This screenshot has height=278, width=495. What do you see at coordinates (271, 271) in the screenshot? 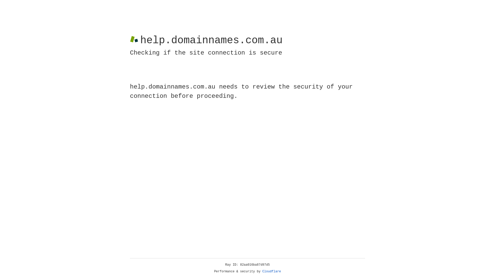
I see `'Cloudflare'` at bounding box center [271, 271].